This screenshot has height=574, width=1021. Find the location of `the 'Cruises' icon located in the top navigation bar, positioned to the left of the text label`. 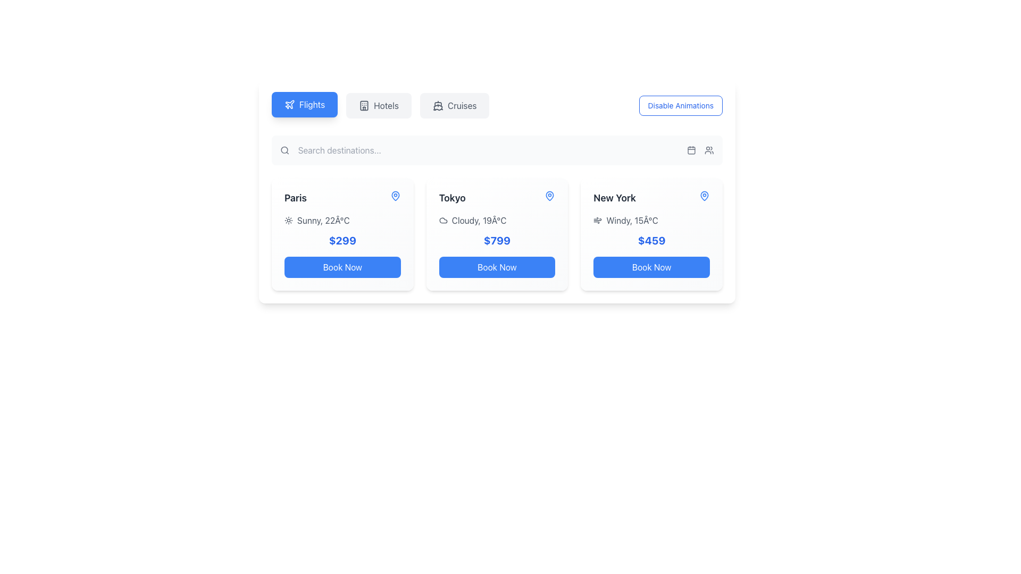

the 'Cruises' icon located in the top navigation bar, positioned to the left of the text label is located at coordinates (438, 106).